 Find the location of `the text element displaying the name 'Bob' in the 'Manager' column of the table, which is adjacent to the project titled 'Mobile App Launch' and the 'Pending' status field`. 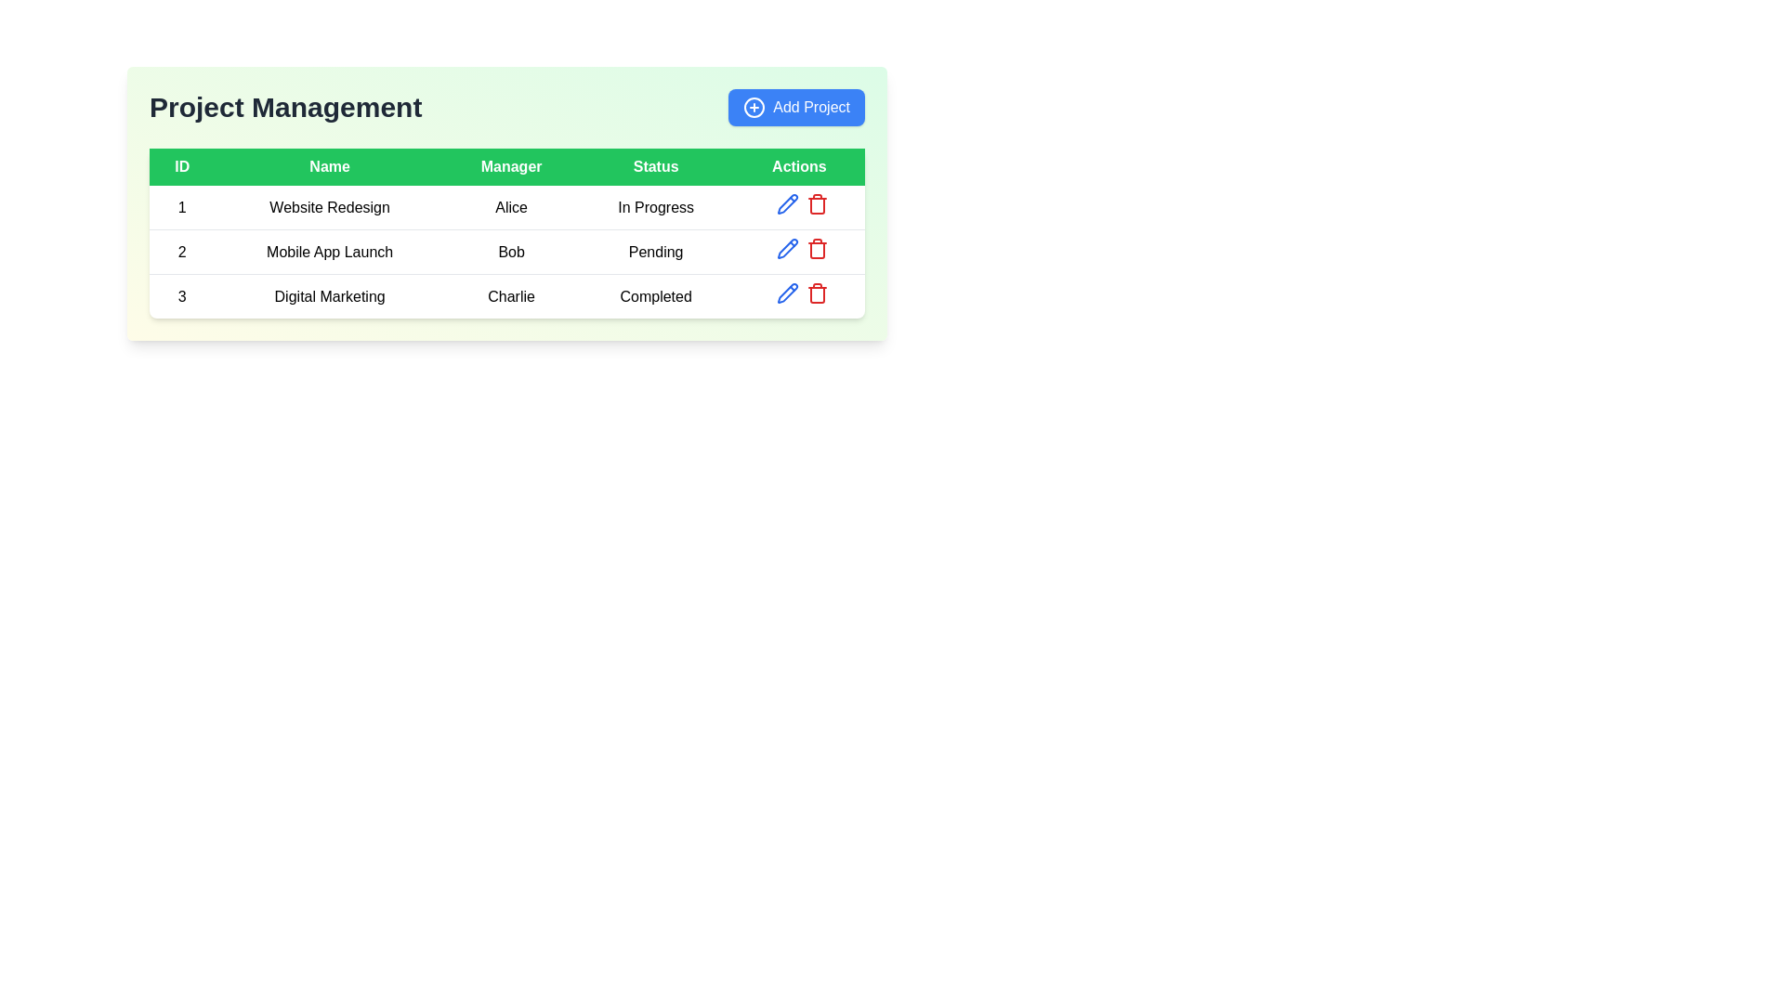

the text element displaying the name 'Bob' in the 'Manager' column of the table, which is adjacent to the project titled 'Mobile App Launch' and the 'Pending' status field is located at coordinates (511, 252).